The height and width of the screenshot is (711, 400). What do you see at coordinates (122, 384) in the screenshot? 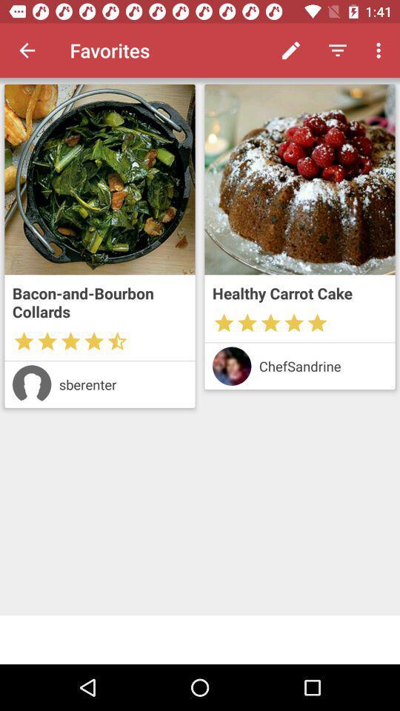
I see `sberenter` at bounding box center [122, 384].